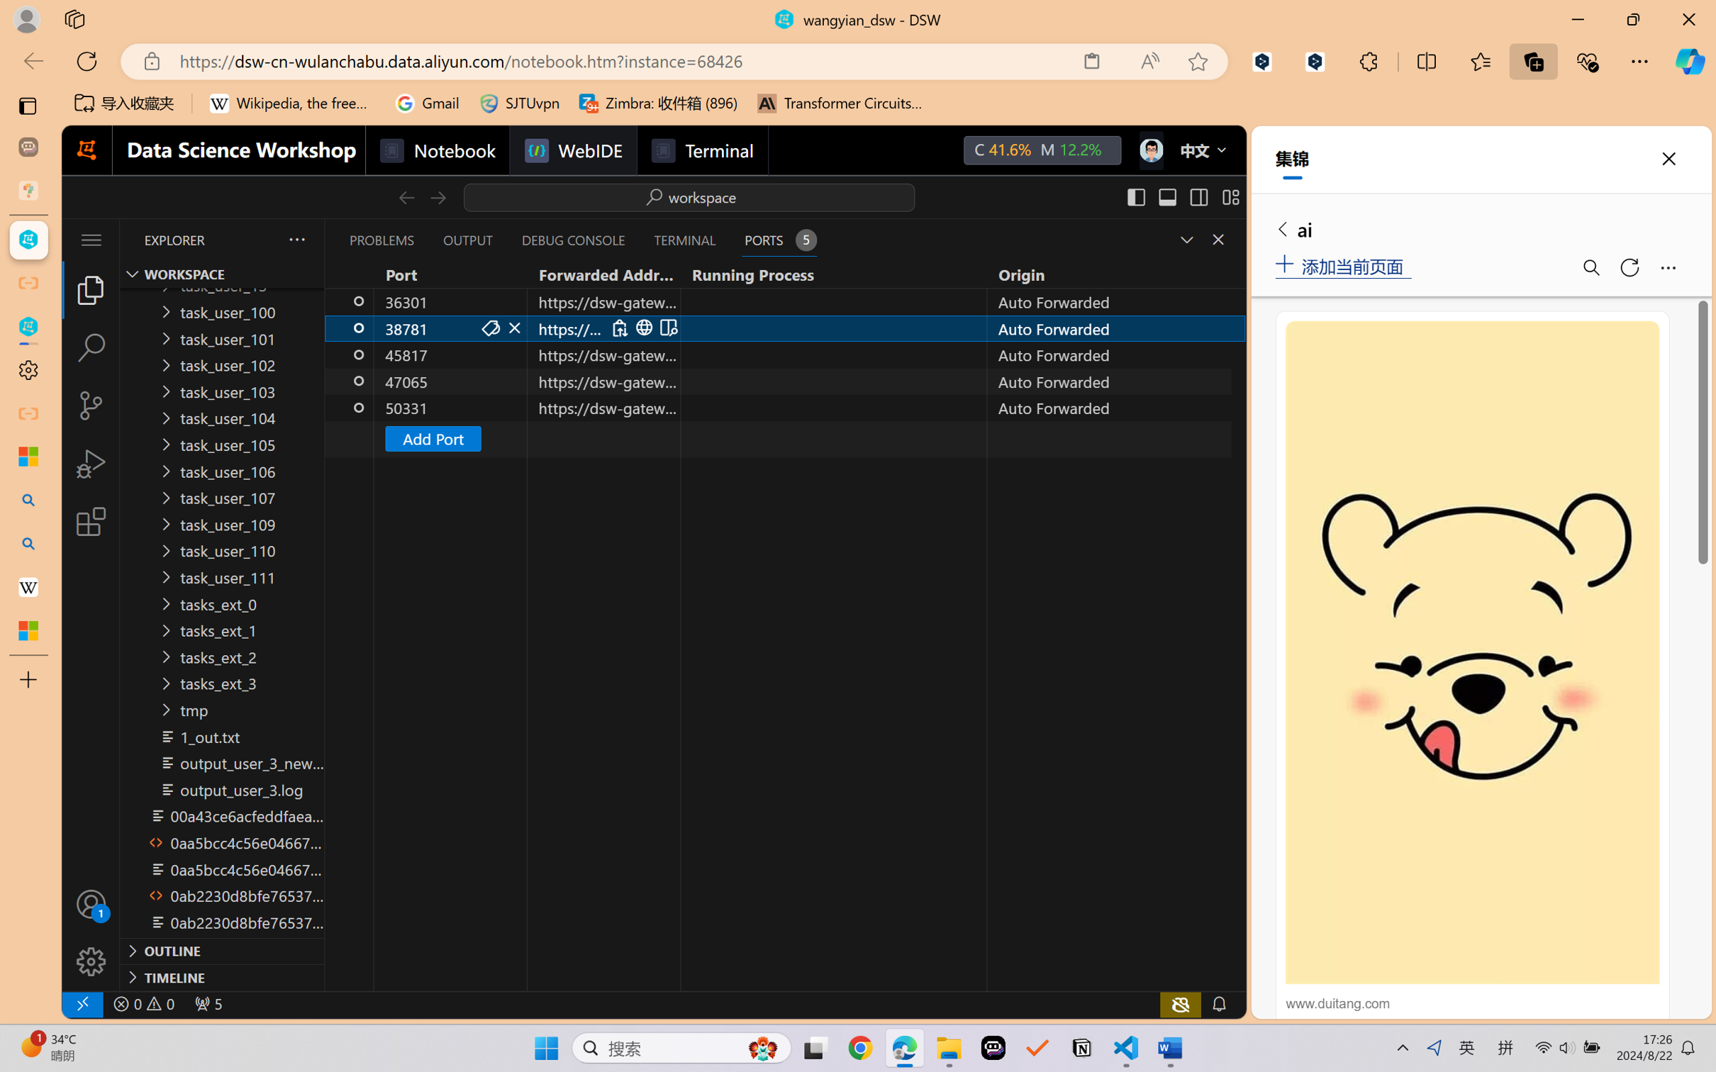 The height and width of the screenshot is (1072, 1716). I want to click on 'Copilot (Ctrl+Shift+.)', so click(1690, 61).